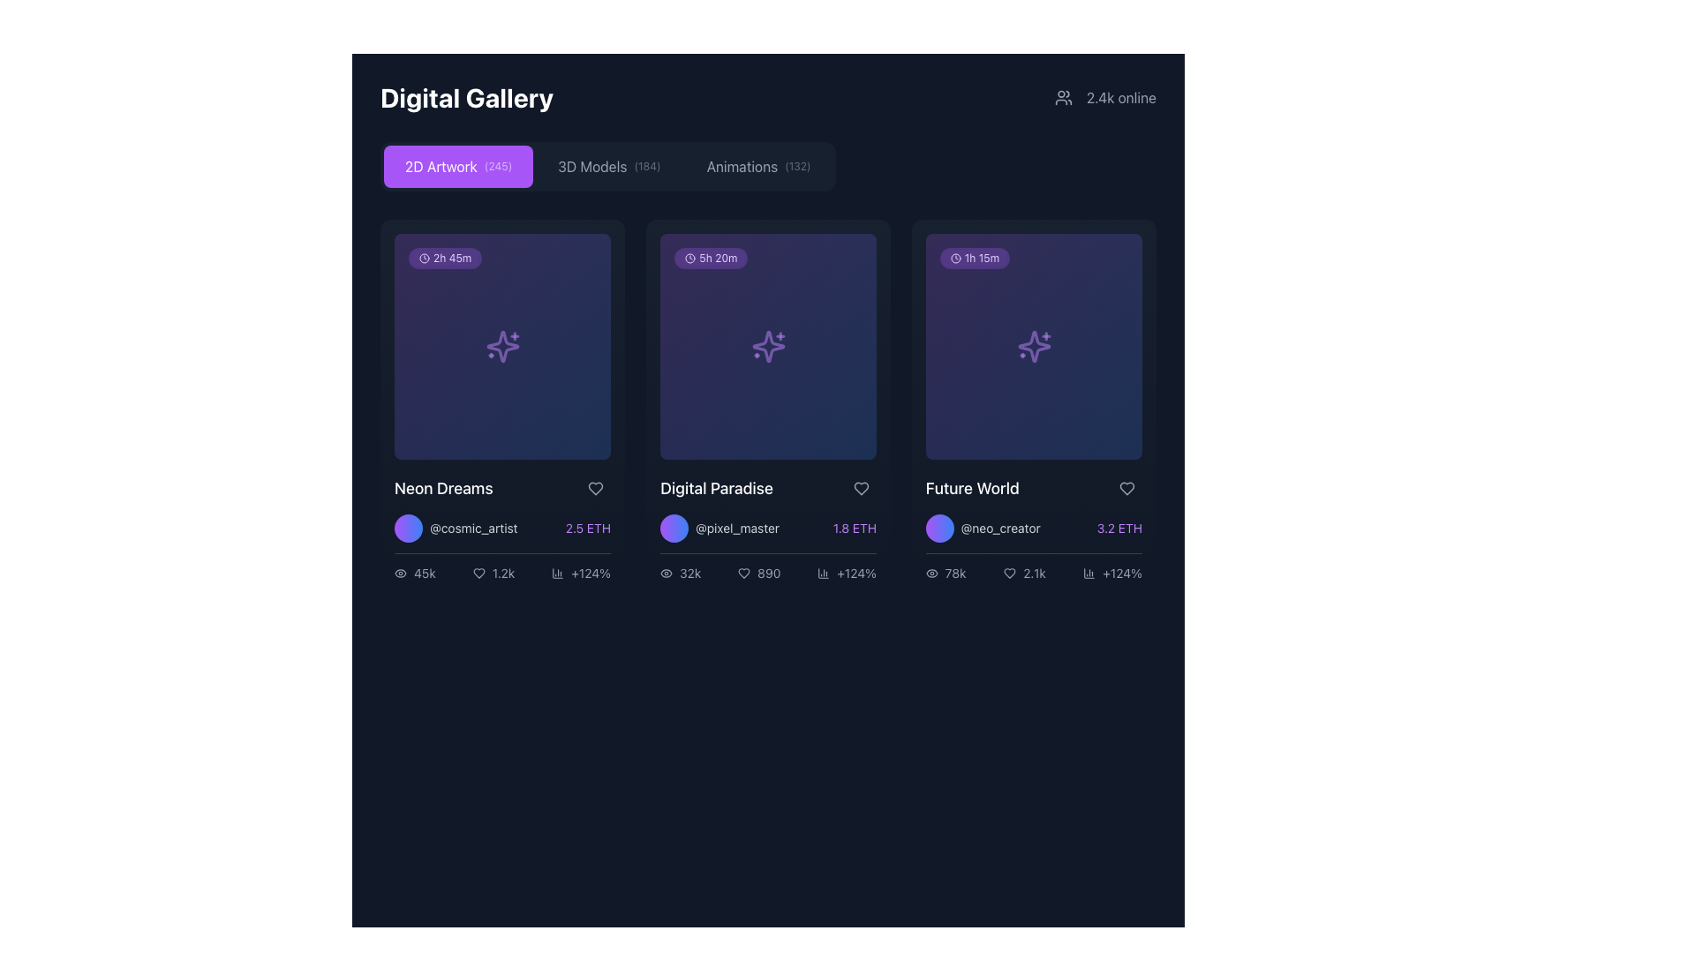 The image size is (1695, 953). I want to click on the small clock icon located in the top-left corner of the 'Future World' card, so click(955, 259).